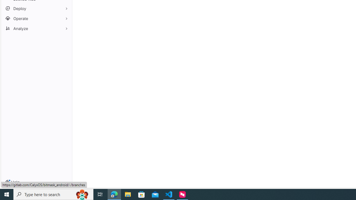  What do you see at coordinates (36, 28) in the screenshot?
I see `'Analyze'` at bounding box center [36, 28].